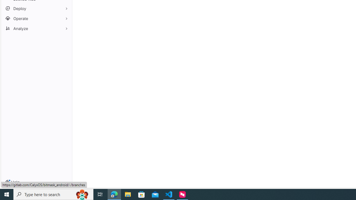  What do you see at coordinates (36, 28) in the screenshot?
I see `'Analyze'` at bounding box center [36, 28].